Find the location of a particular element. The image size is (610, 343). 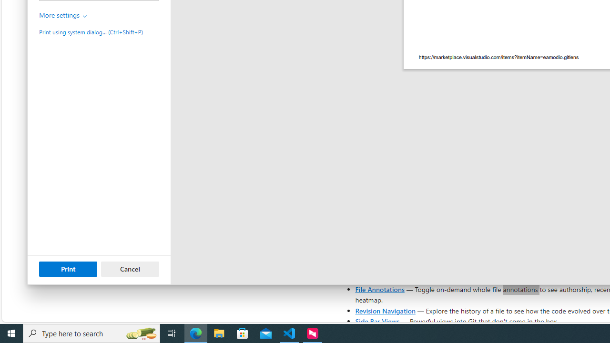

'Class: c0183' is located at coordinates (85, 16).